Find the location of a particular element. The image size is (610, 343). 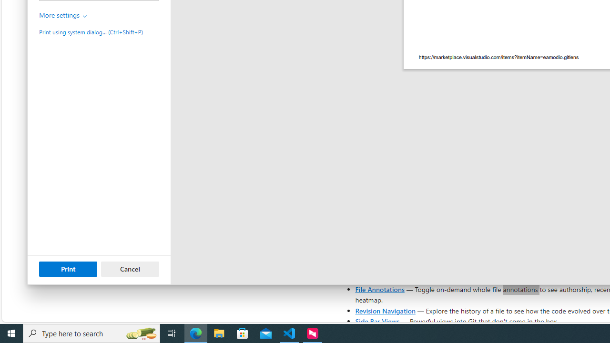

'Class: c0183' is located at coordinates (85, 16).